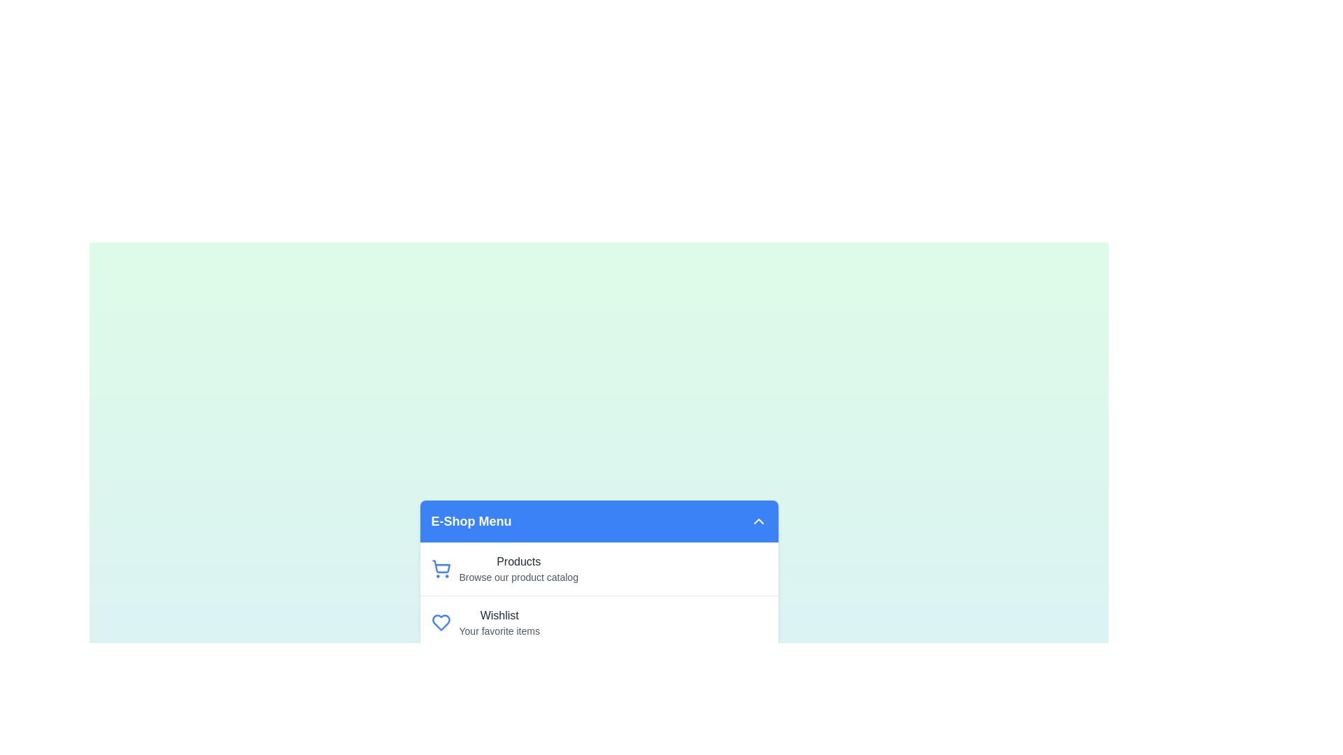  Describe the element at coordinates (518, 561) in the screenshot. I see `the menu item Products from the EcommerceFeatureMenu` at that location.